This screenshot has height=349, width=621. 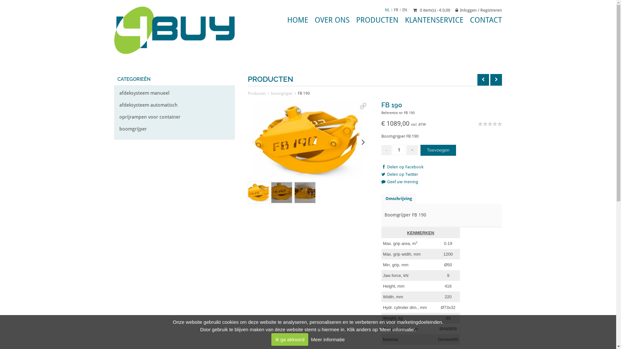 I want to click on 'Ik ga akkoord', so click(x=289, y=339).